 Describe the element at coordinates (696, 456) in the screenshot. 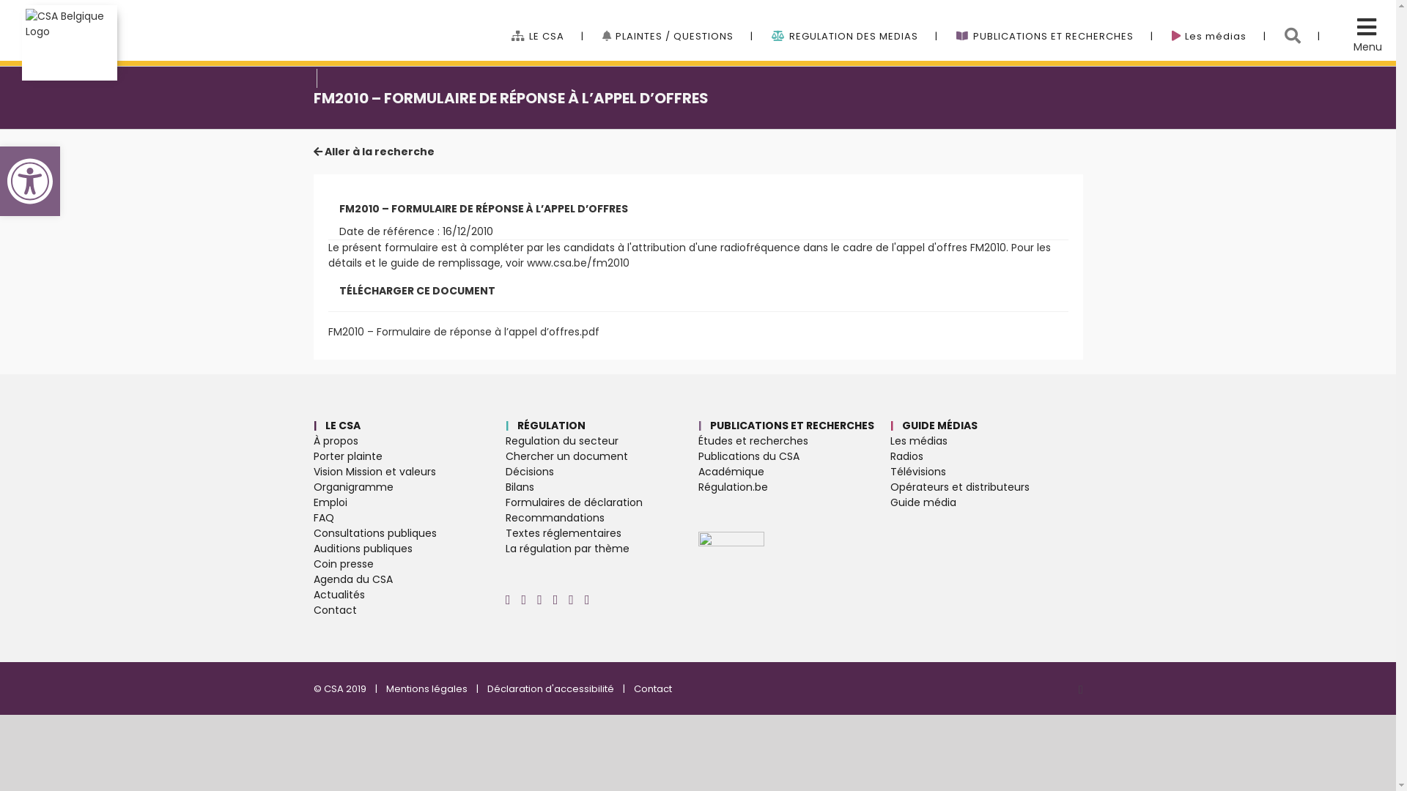

I see `'Publications du CSA'` at that location.